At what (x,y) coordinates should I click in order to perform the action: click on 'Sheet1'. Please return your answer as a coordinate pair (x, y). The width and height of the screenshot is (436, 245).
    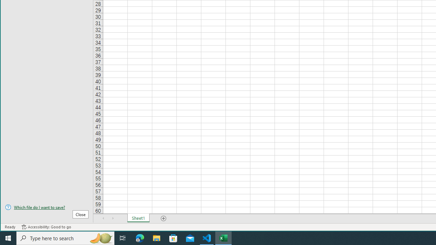
    Looking at the image, I should click on (138, 218).